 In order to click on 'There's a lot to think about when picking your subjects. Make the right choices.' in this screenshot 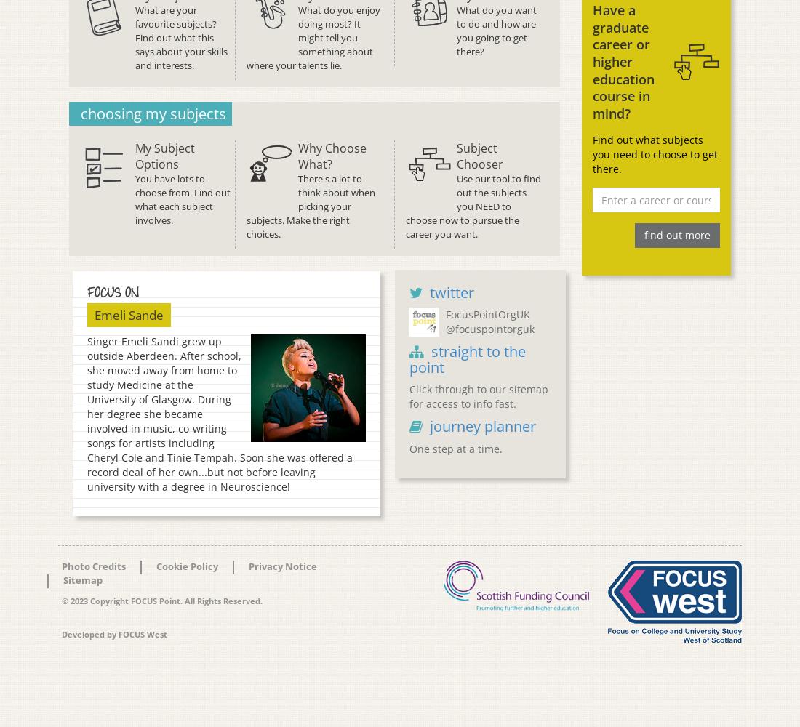, I will do `click(310, 206)`.